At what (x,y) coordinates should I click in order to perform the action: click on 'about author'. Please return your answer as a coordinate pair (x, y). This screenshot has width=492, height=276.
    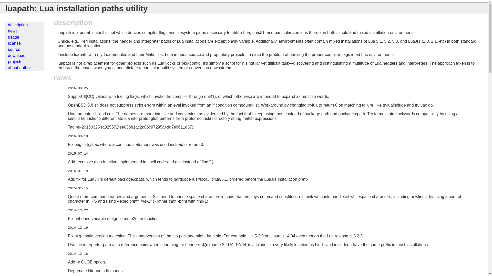
    Looking at the image, I should click on (24, 68).